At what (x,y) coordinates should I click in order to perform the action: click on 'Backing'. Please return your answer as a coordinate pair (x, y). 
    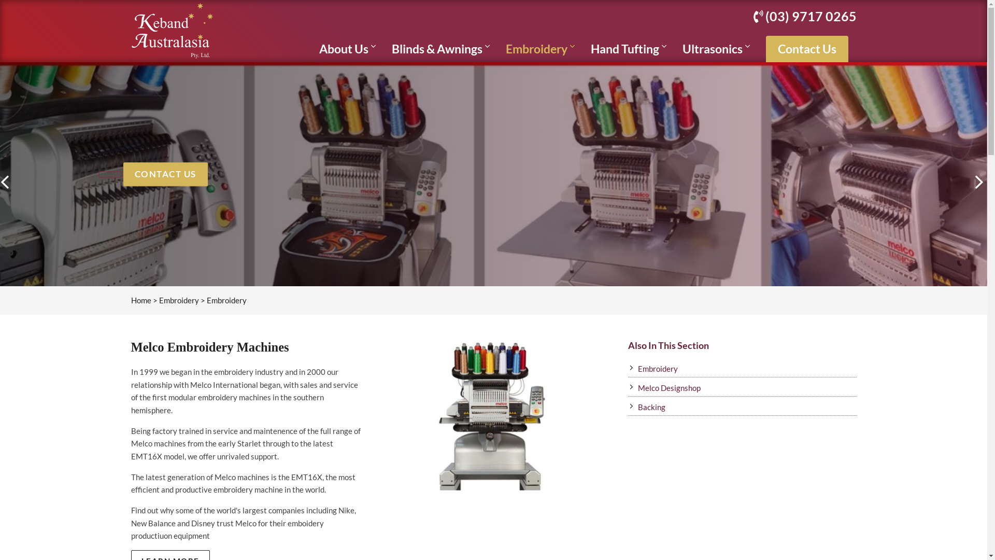
    Looking at the image, I should click on (741, 407).